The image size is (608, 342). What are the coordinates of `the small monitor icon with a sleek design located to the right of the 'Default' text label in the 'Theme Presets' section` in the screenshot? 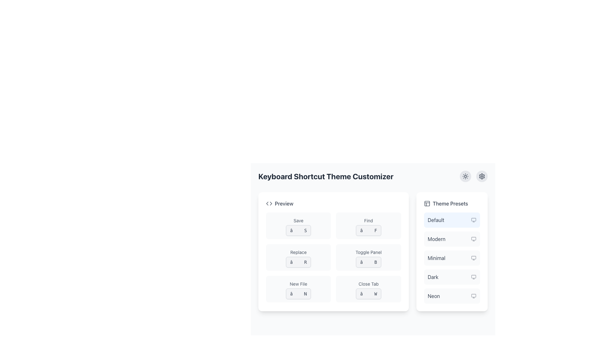 It's located at (474, 219).